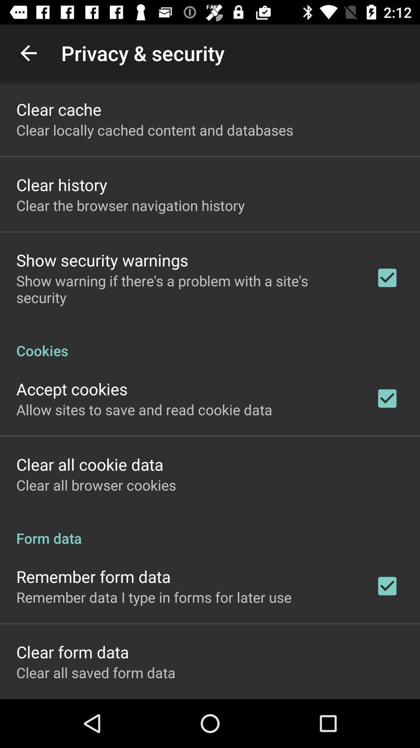 The image size is (420, 748). What do you see at coordinates (144, 409) in the screenshot?
I see `allow sites to item` at bounding box center [144, 409].